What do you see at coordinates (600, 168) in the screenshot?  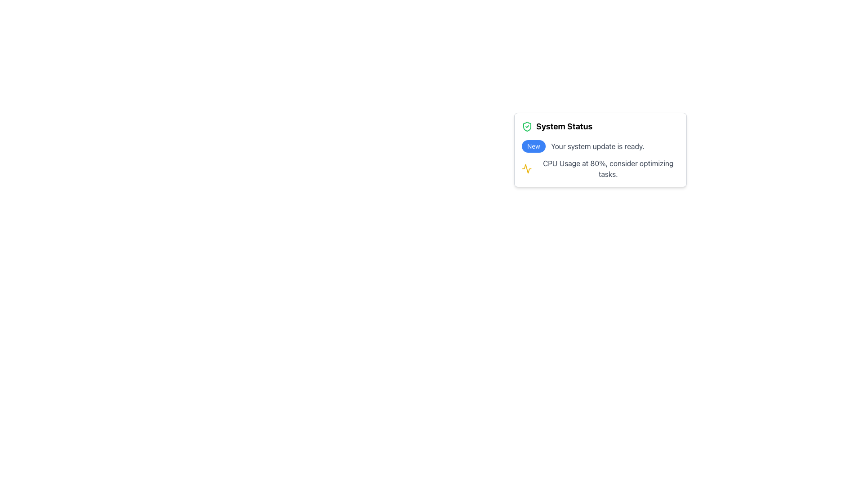 I see `message of the second notification item under the 'System Status' heading, which indicates 'CPU Usage at 80%, consider optimizing tasks.'` at bounding box center [600, 168].